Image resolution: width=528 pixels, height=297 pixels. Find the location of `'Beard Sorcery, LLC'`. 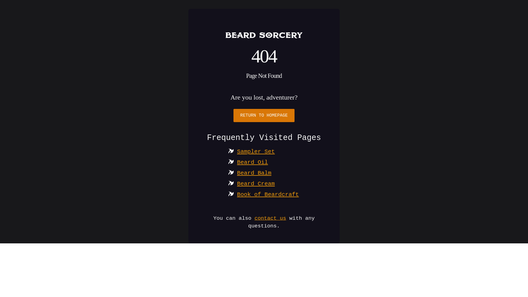

'Beard Sorcery, LLC' is located at coordinates (264, 35).